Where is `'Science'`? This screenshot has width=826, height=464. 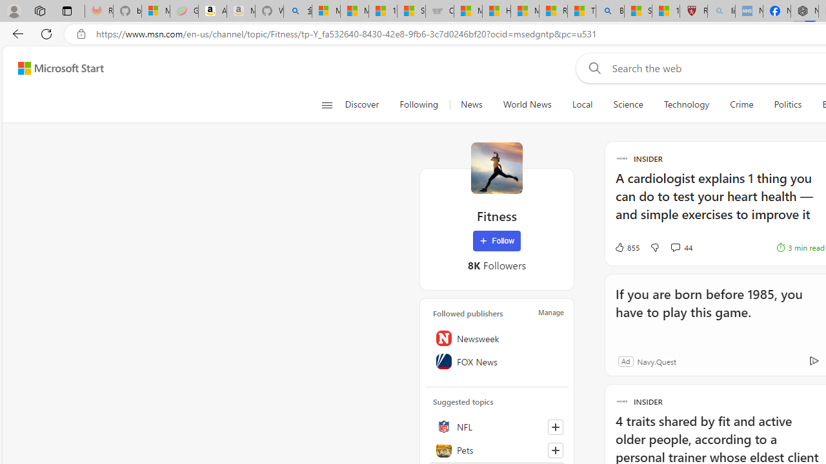
'Science' is located at coordinates (628, 104).